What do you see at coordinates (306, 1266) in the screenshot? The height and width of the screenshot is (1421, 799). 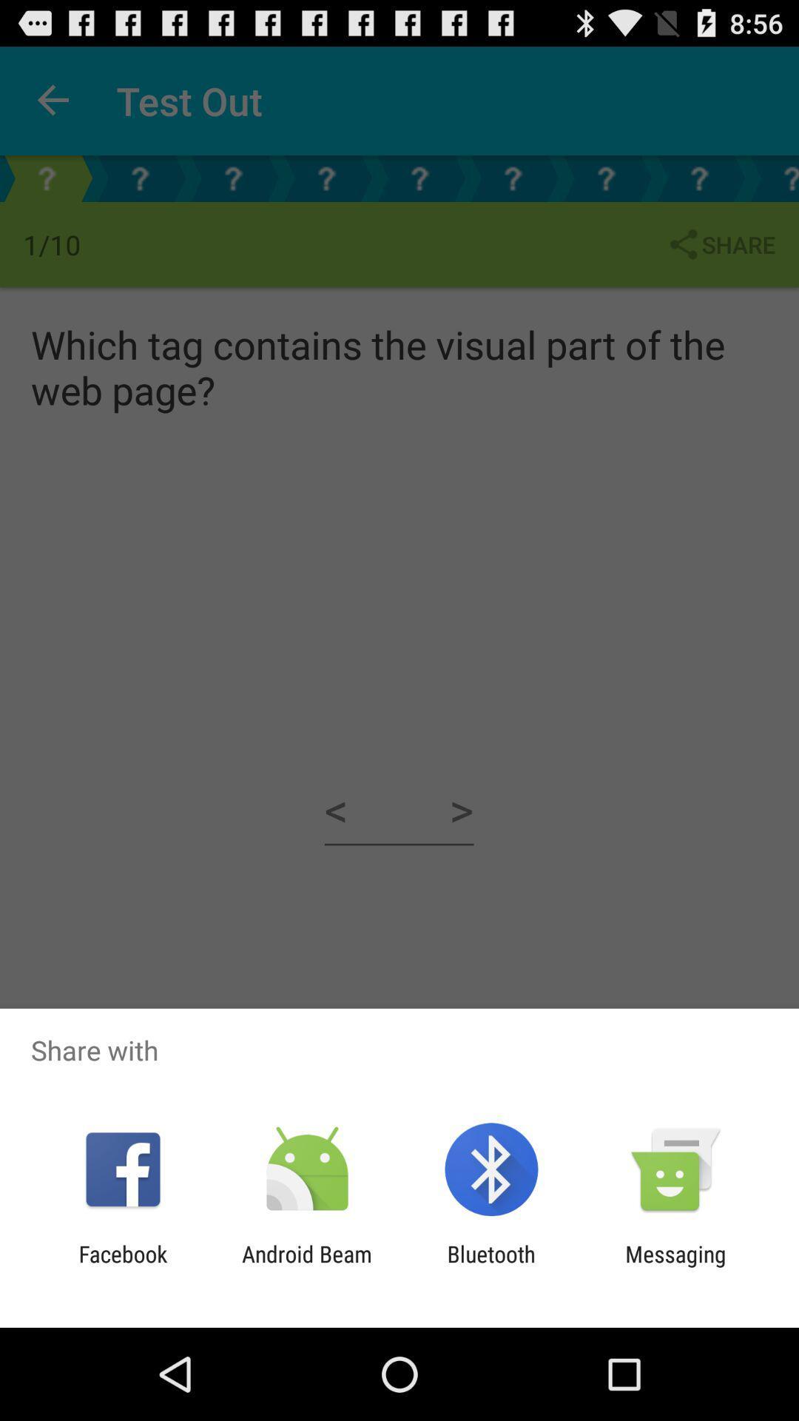 I see `the android beam item` at bounding box center [306, 1266].